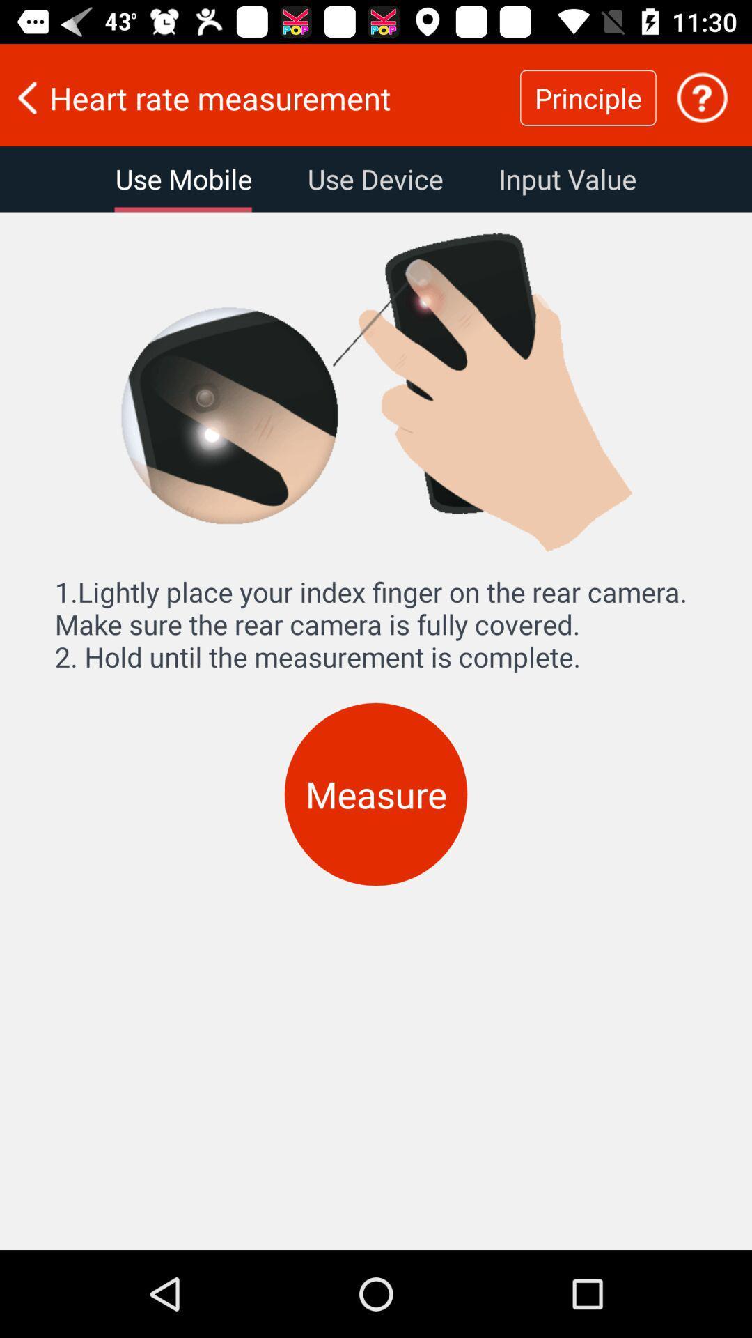 This screenshot has width=752, height=1338. I want to click on the item below the heart rate measurement item, so click(567, 178).